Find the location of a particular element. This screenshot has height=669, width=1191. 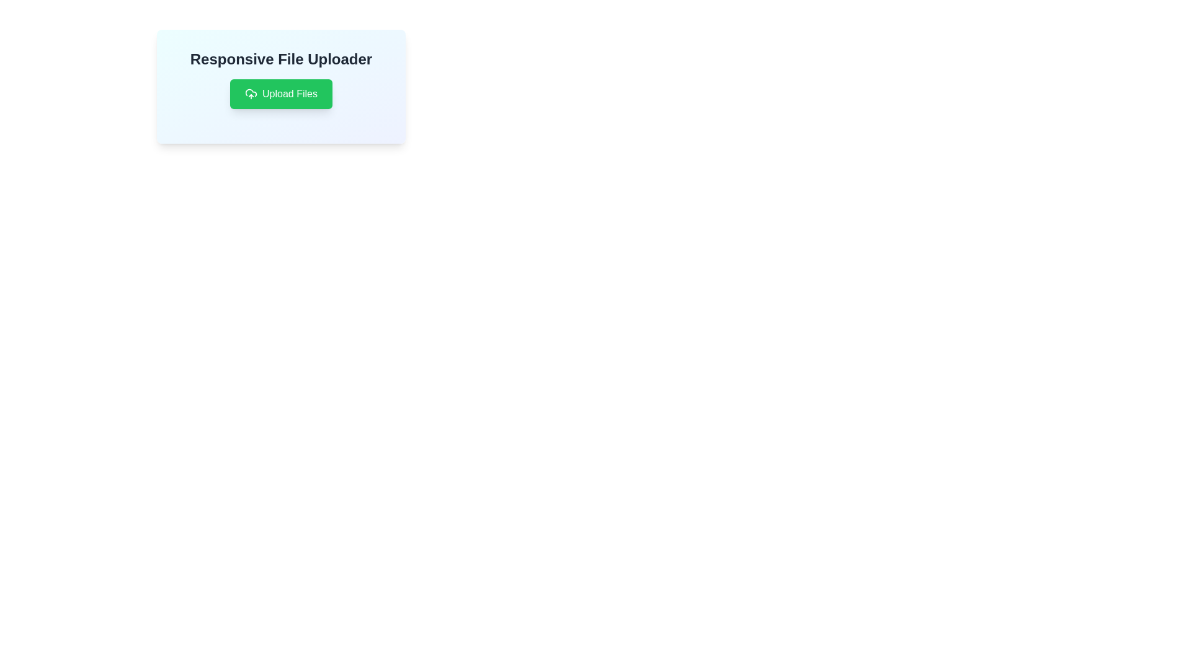

the upload button containing the cloud icon with an upward arrow, which is styled with a green background and located to the left of the text 'Upload Files' is located at coordinates (251, 93).